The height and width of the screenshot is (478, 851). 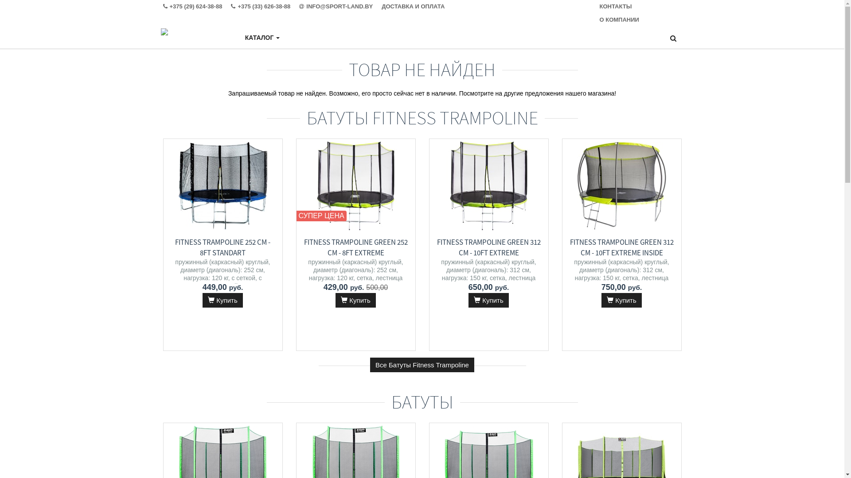 I want to click on '+375 (33) 626-38-88', so click(x=231, y=7).